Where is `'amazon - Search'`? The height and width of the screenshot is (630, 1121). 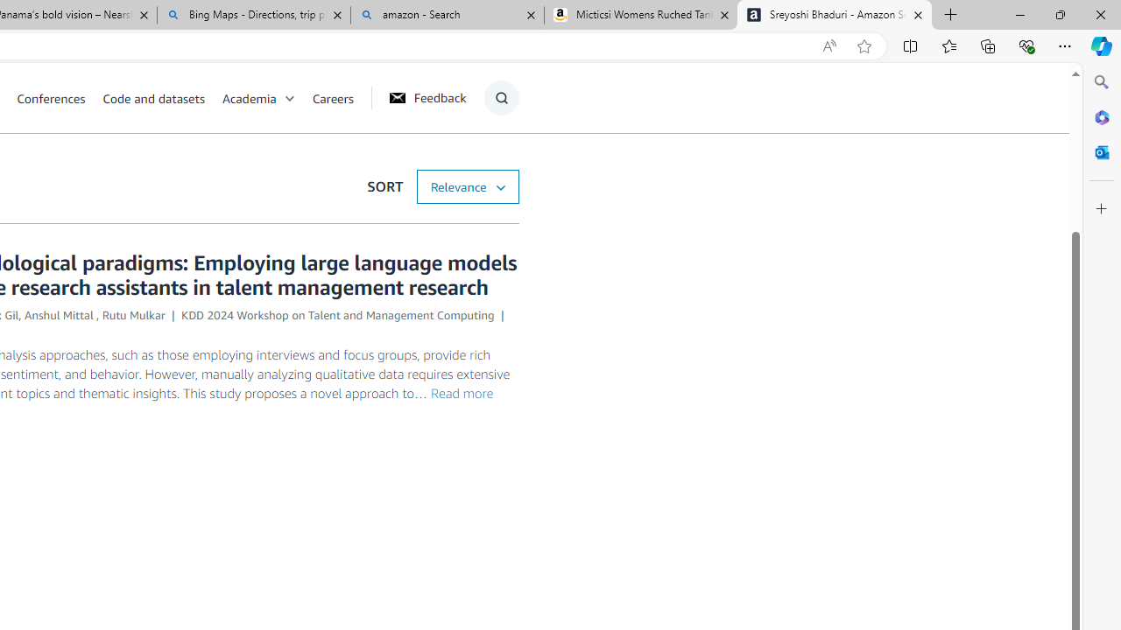
'amazon - Search' is located at coordinates (447, 15).